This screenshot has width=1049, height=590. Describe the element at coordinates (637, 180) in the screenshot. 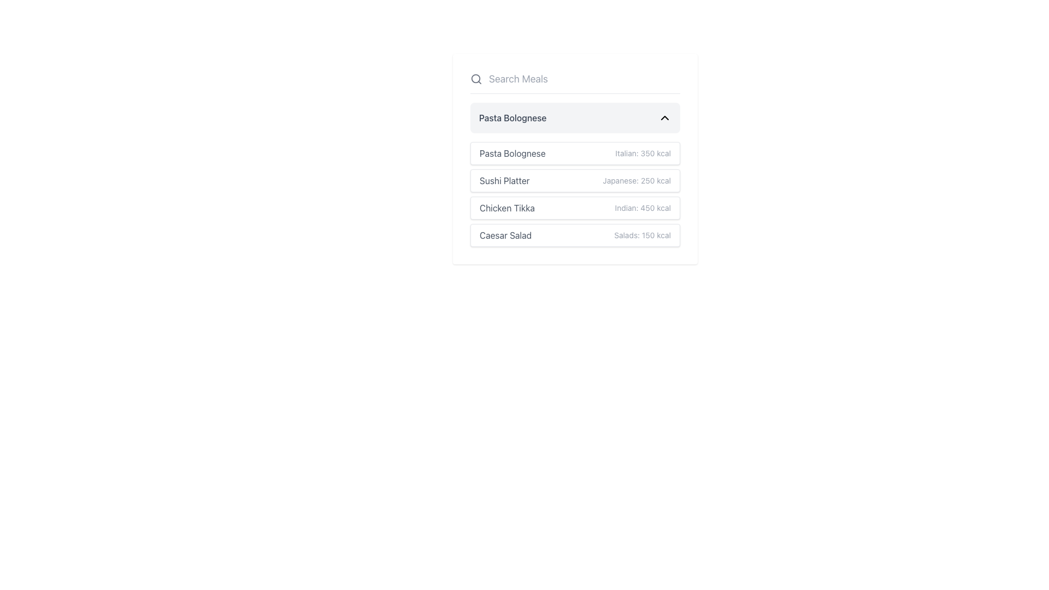

I see `the nutritional information text label for the dish 'Sushi Platter', which is located to the right of the main dish name in the vertical list` at that location.